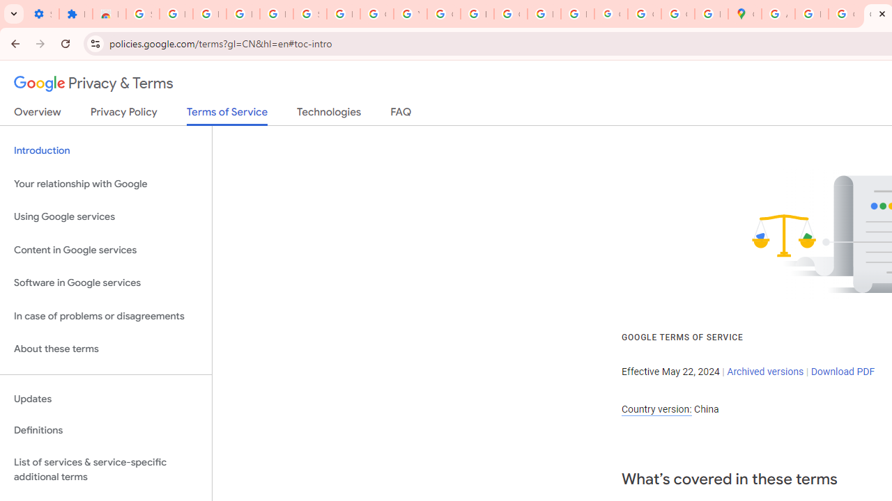  I want to click on 'Reviews: Helix Fruit Jump Arcade Game', so click(108, 14).